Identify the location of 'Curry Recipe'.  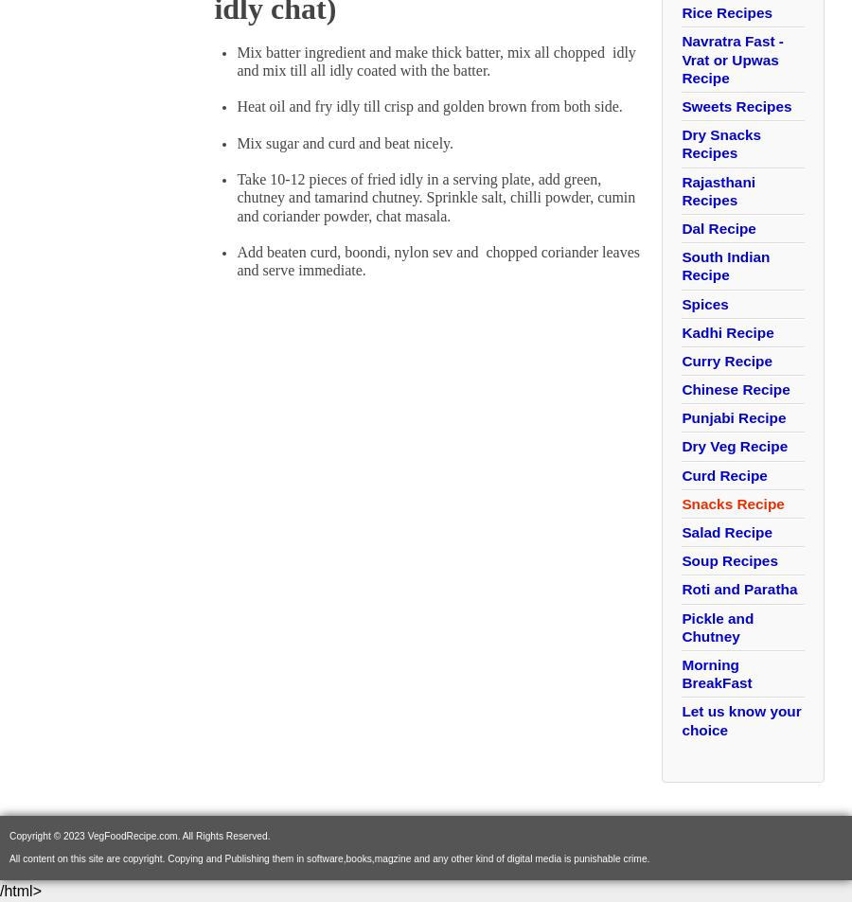
(725, 359).